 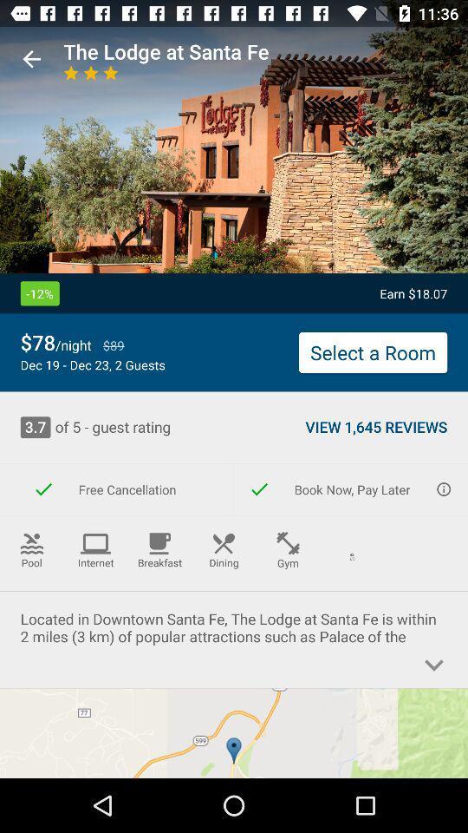 What do you see at coordinates (31, 59) in the screenshot?
I see `the icon above the -12%` at bounding box center [31, 59].